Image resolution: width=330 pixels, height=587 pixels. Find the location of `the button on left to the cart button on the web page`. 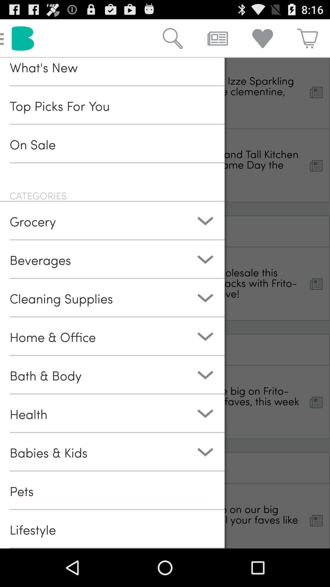

the button on left to the cart button on the web page is located at coordinates (262, 38).